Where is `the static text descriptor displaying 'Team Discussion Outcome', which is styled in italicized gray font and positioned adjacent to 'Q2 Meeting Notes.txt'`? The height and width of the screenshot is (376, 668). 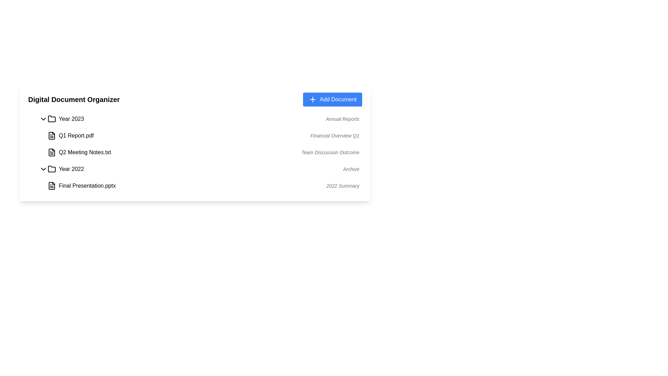
the static text descriptor displaying 'Team Discussion Outcome', which is styled in italicized gray font and positioned adjacent to 'Q2 Meeting Notes.txt' is located at coordinates (330, 152).